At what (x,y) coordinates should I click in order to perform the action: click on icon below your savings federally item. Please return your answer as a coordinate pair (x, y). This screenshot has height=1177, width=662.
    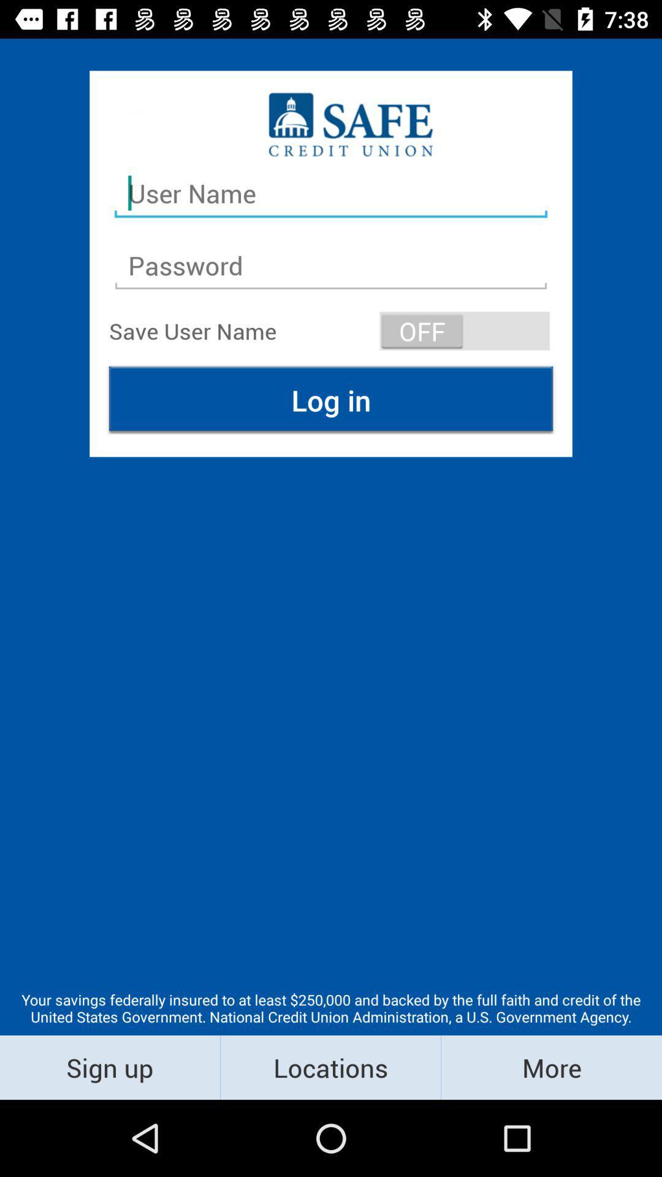
    Looking at the image, I should click on (109, 1067).